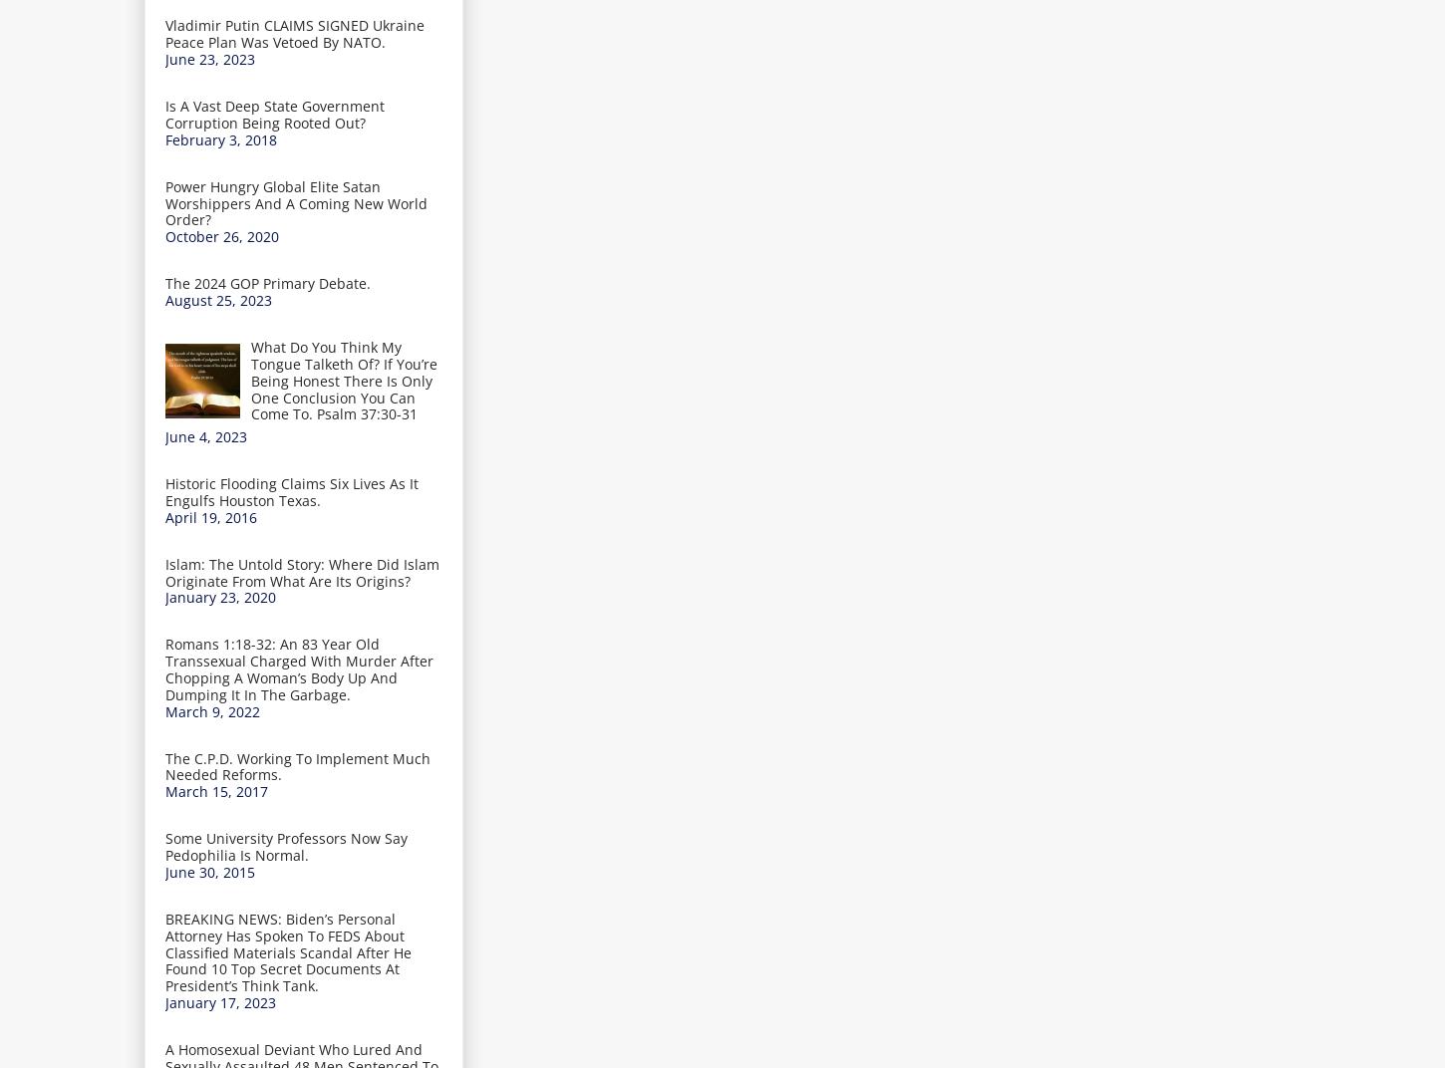 Image resolution: width=1445 pixels, height=1068 pixels. Describe the element at coordinates (219, 1002) in the screenshot. I see `'January 17, 2023'` at that location.